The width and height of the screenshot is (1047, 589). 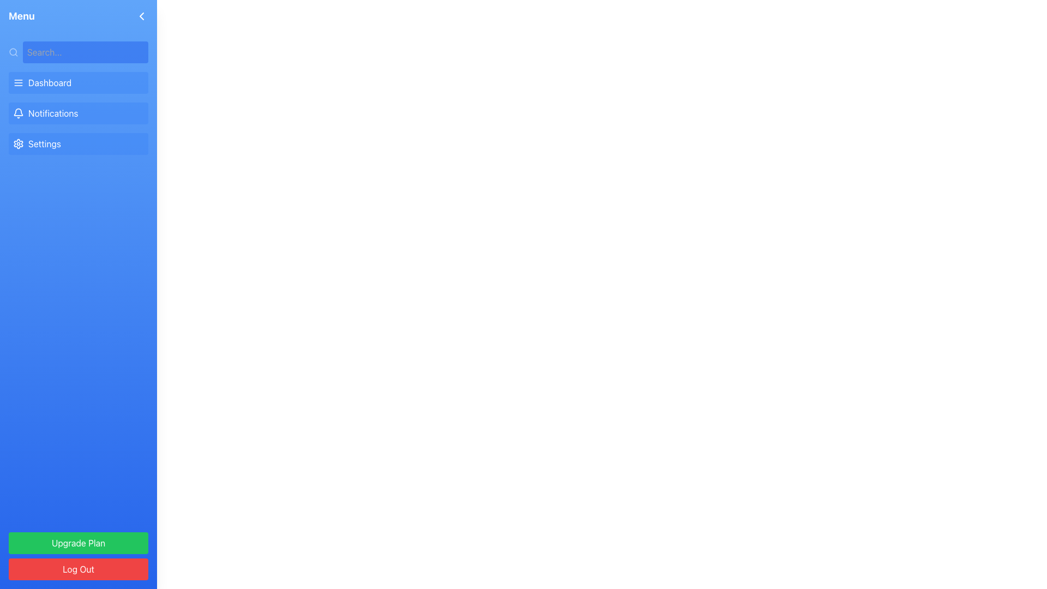 I want to click on the search bar input field located at the top-left corner of the interface to focus on it for keyword input, so click(x=85, y=52).